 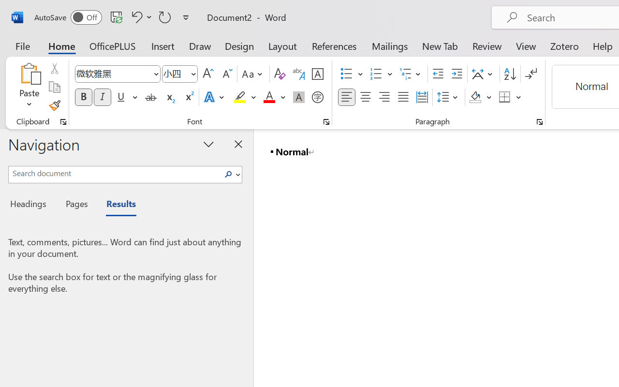 I want to click on 'Superscript', so click(x=189, y=97).